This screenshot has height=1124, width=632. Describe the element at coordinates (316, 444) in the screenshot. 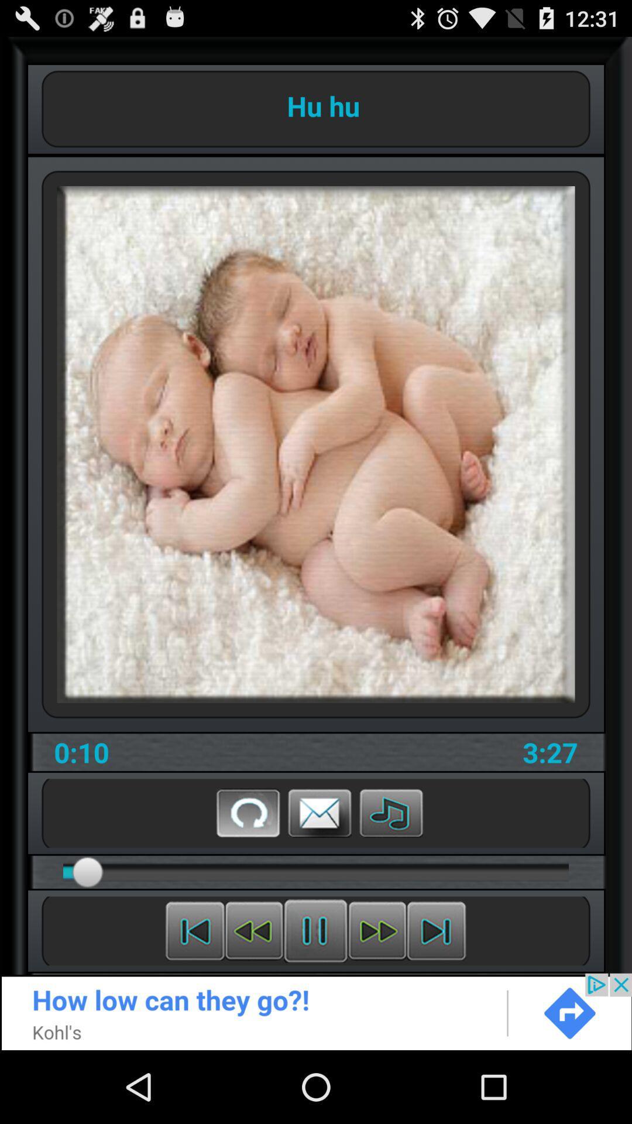

I see `the image on the web page` at that location.